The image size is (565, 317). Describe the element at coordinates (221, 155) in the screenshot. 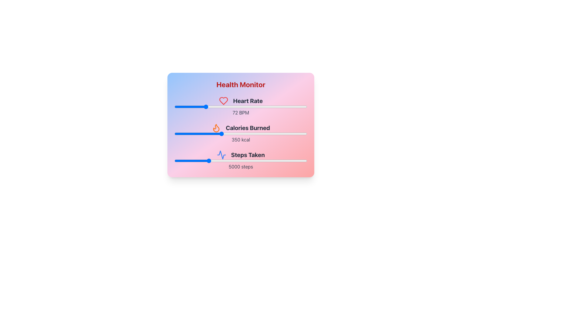

I see `the Decorative Icon located to the left of the 'Steps Taken' label in the third row of the three-item list` at that location.